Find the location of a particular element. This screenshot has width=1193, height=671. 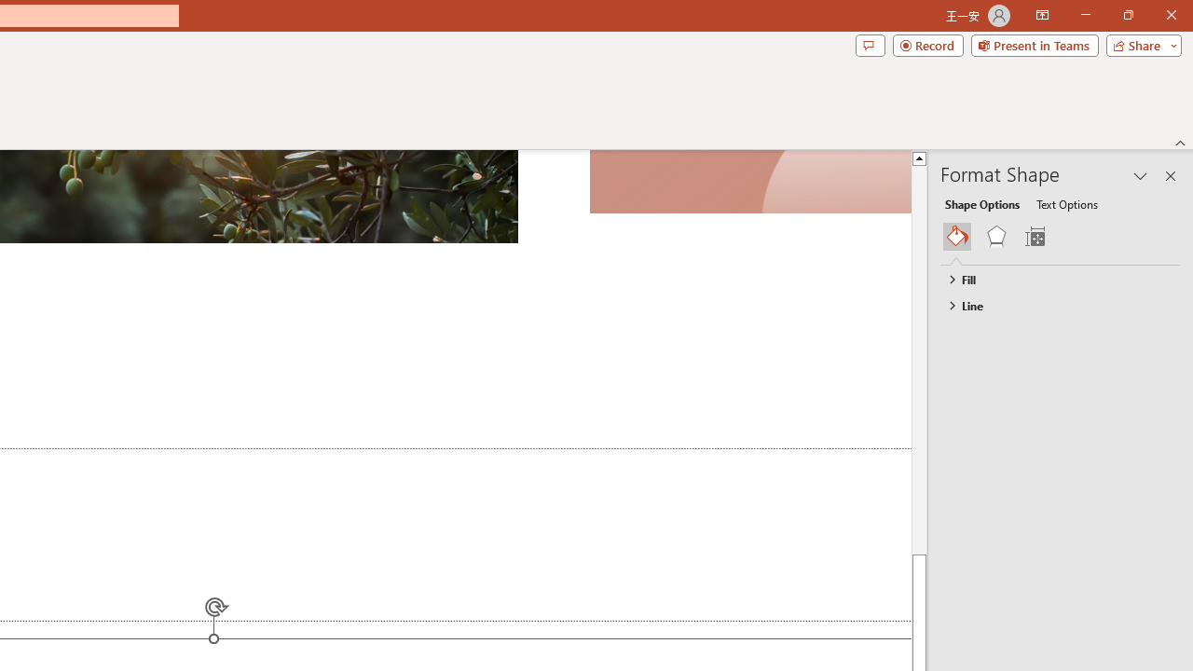

'Shape Options' is located at coordinates (981, 203).